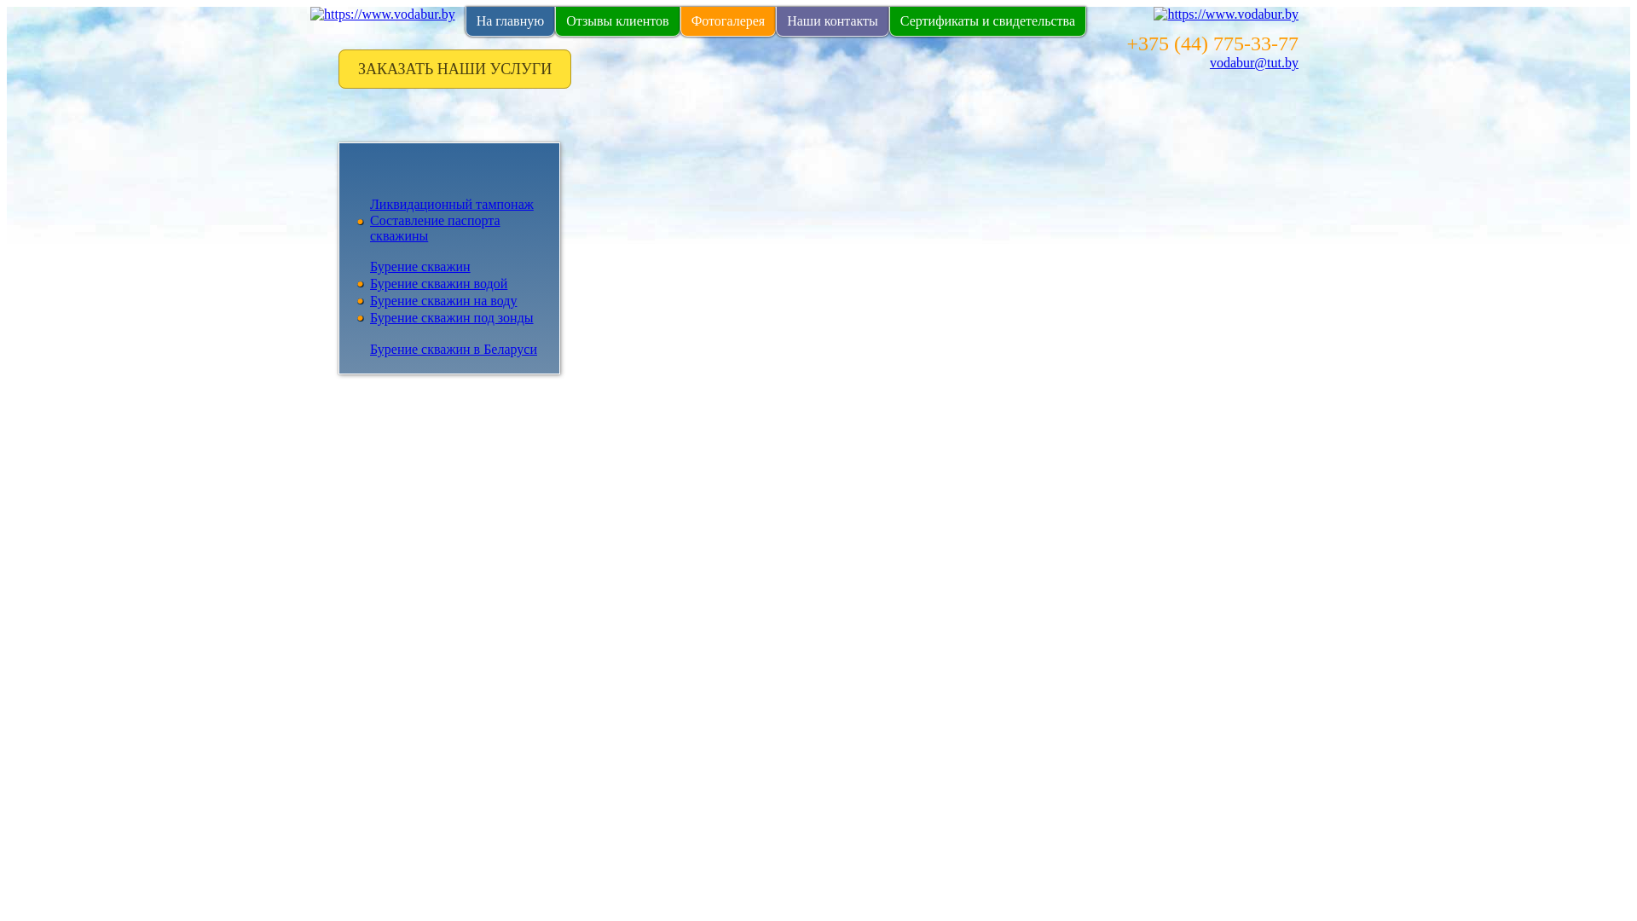  What do you see at coordinates (1253, 61) in the screenshot?
I see `'vodabur@tut.by'` at bounding box center [1253, 61].